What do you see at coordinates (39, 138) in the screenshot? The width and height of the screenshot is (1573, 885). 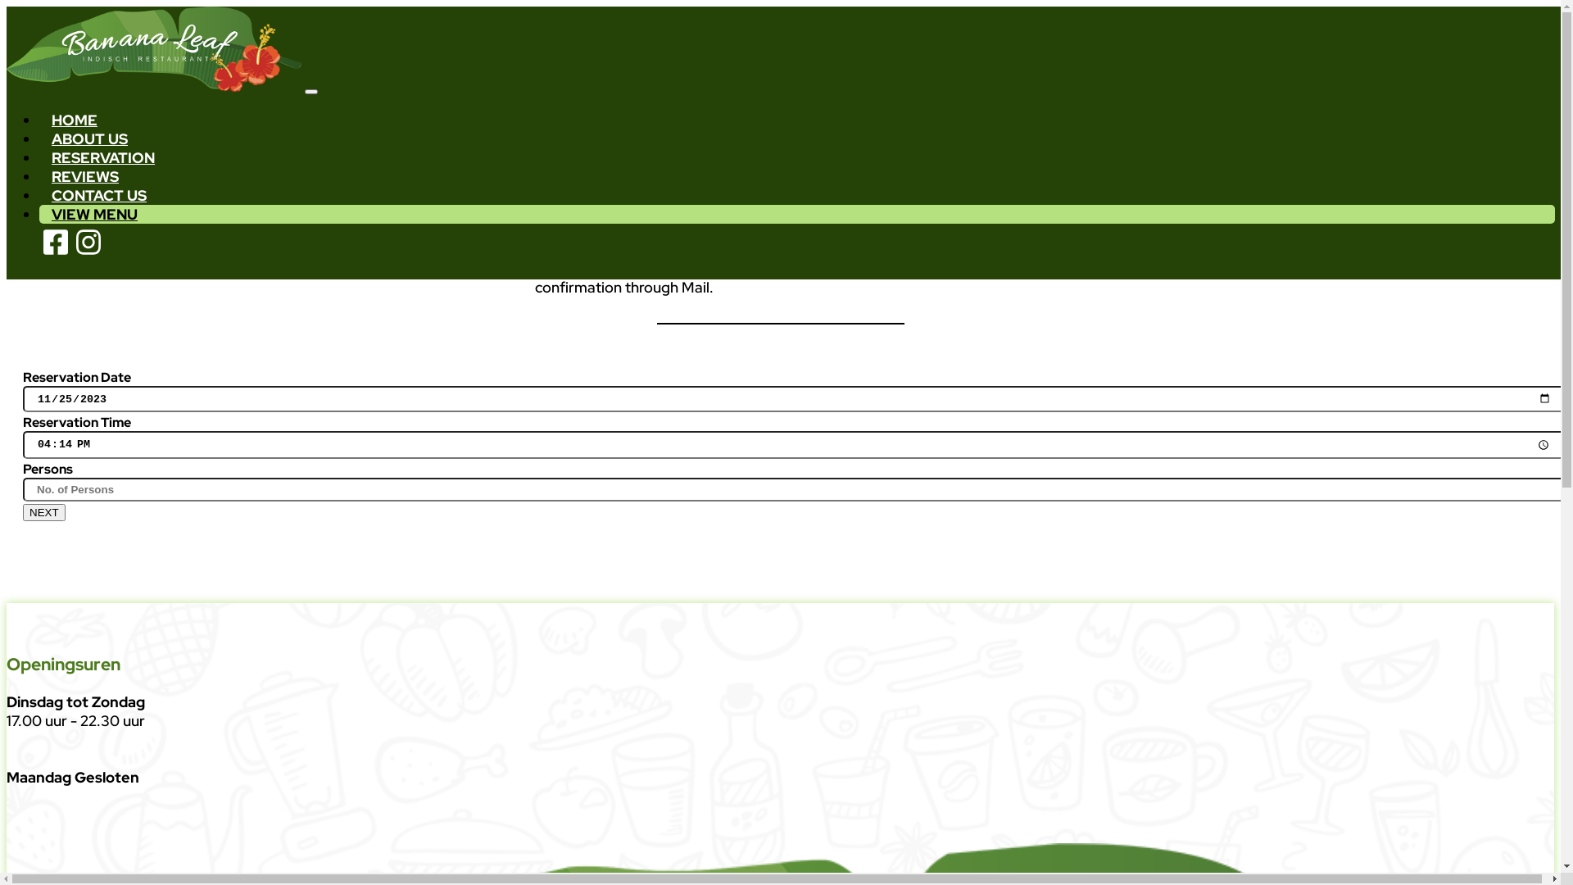 I see `'ABOUT US'` at bounding box center [39, 138].